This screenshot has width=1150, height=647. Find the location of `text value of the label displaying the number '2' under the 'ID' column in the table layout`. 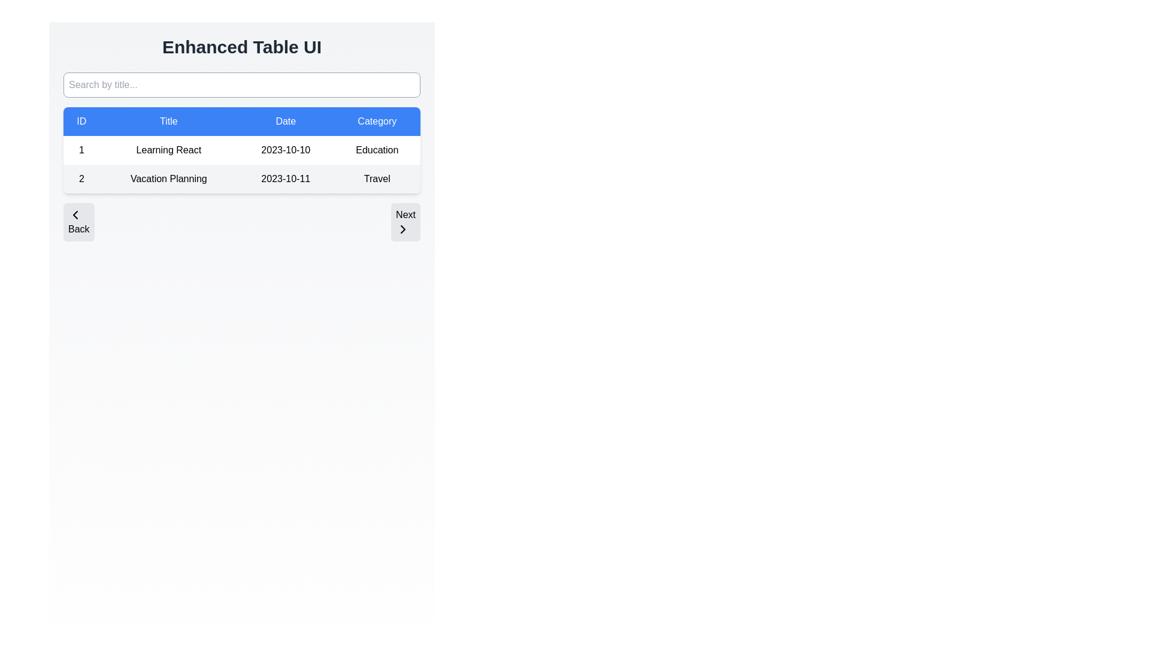

text value of the label displaying the number '2' under the 'ID' column in the table layout is located at coordinates (81, 179).